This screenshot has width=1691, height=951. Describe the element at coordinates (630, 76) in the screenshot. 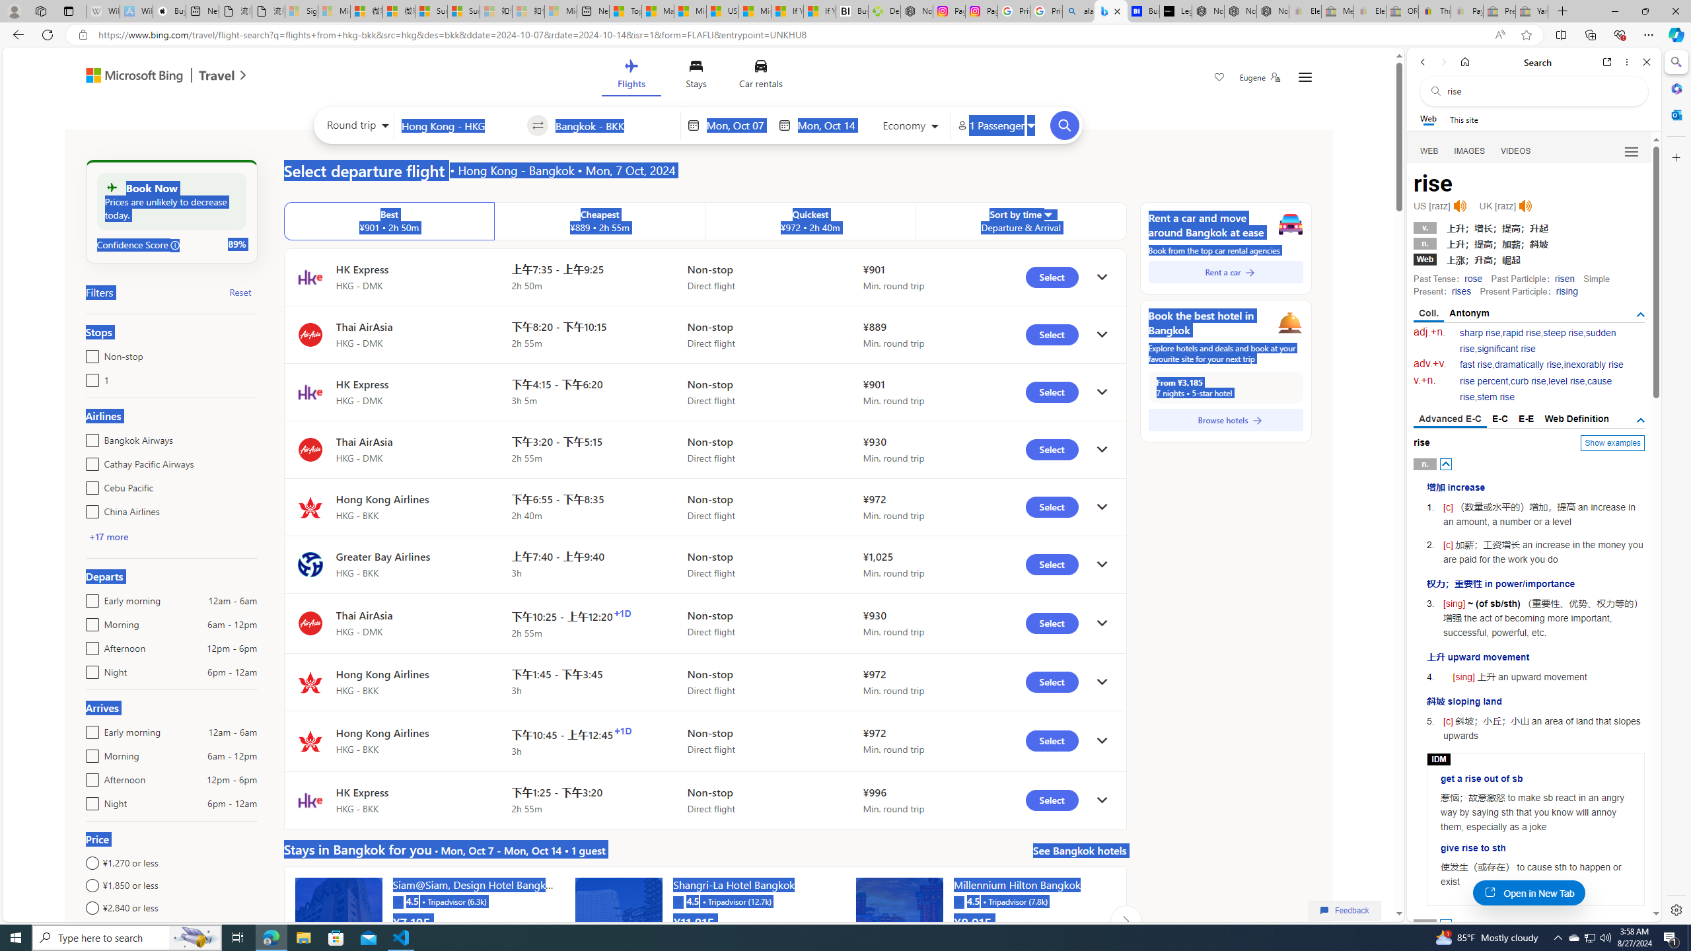

I see `'Flights'` at that location.